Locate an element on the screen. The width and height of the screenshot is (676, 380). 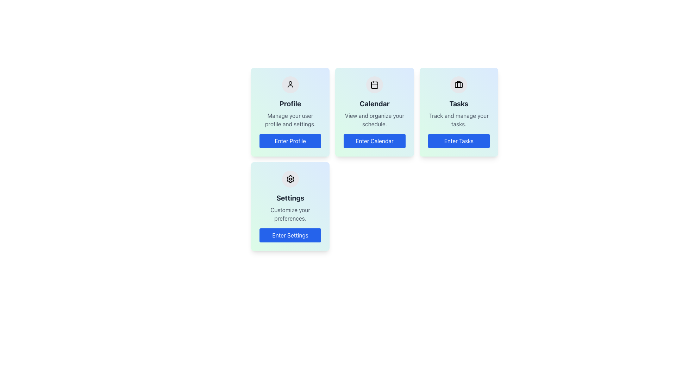
the Profile button located in the lower section of the Profile card to observe the hover effect is located at coordinates (290, 141).